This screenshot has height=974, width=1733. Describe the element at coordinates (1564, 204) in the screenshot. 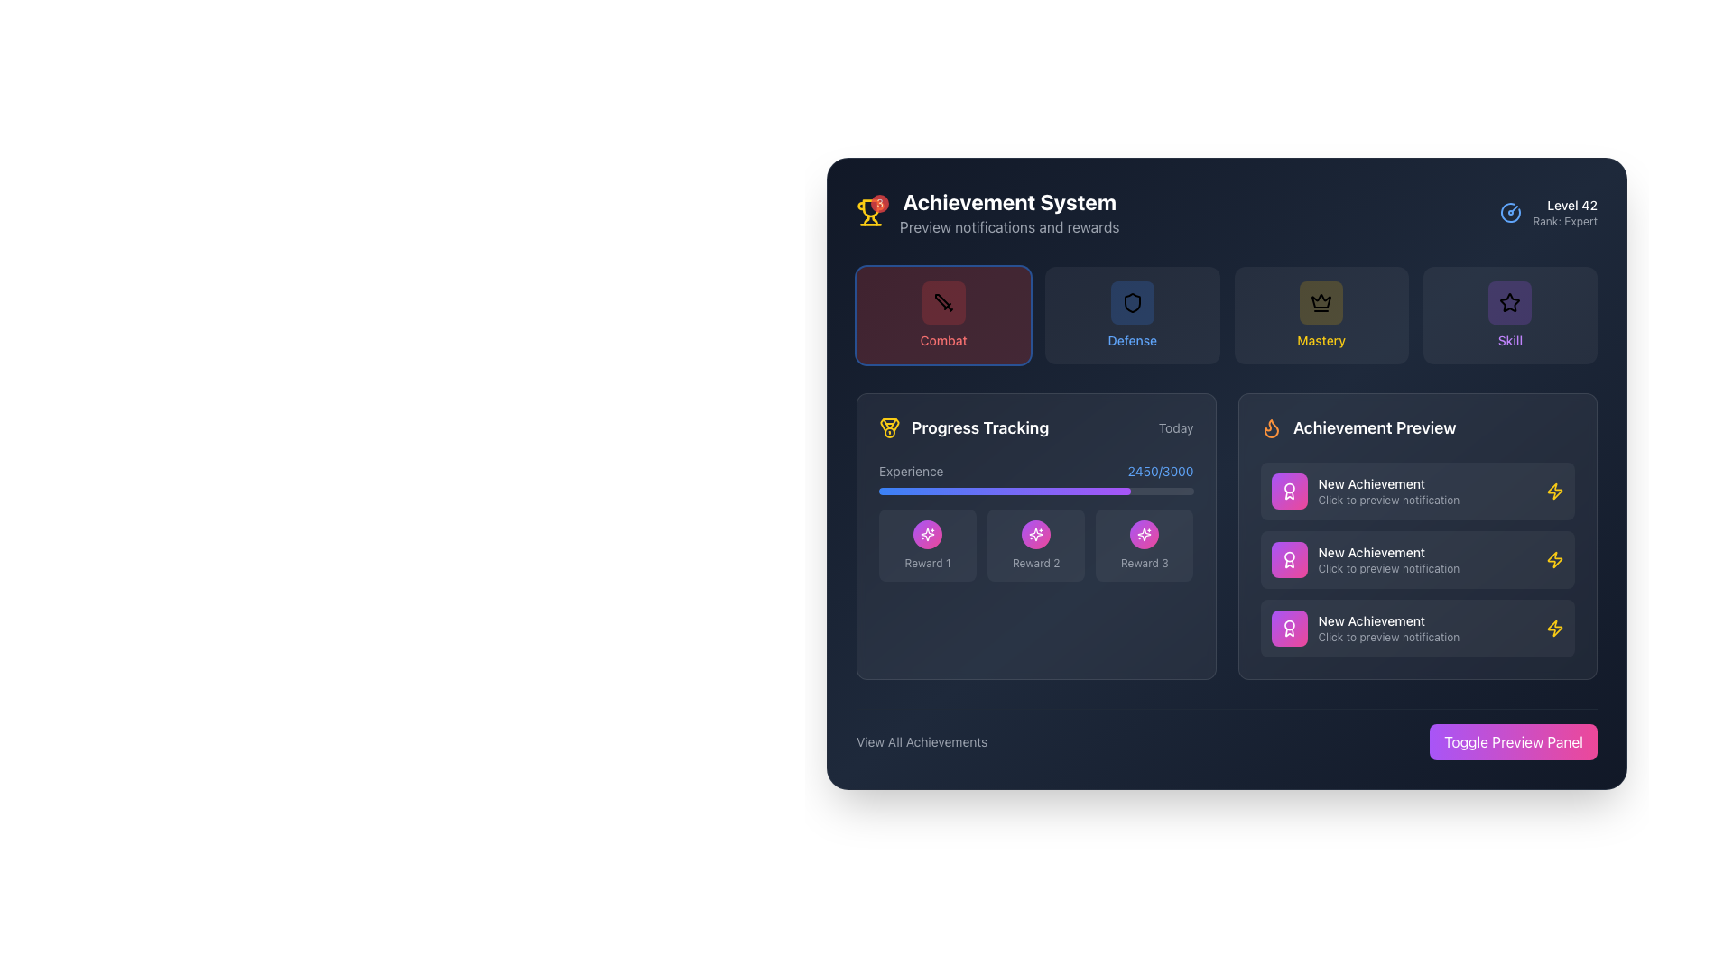

I see `the text label displaying the user's level in the application, located at the top-right corner of the interface, to the right of a circular icon with an arrow` at that location.